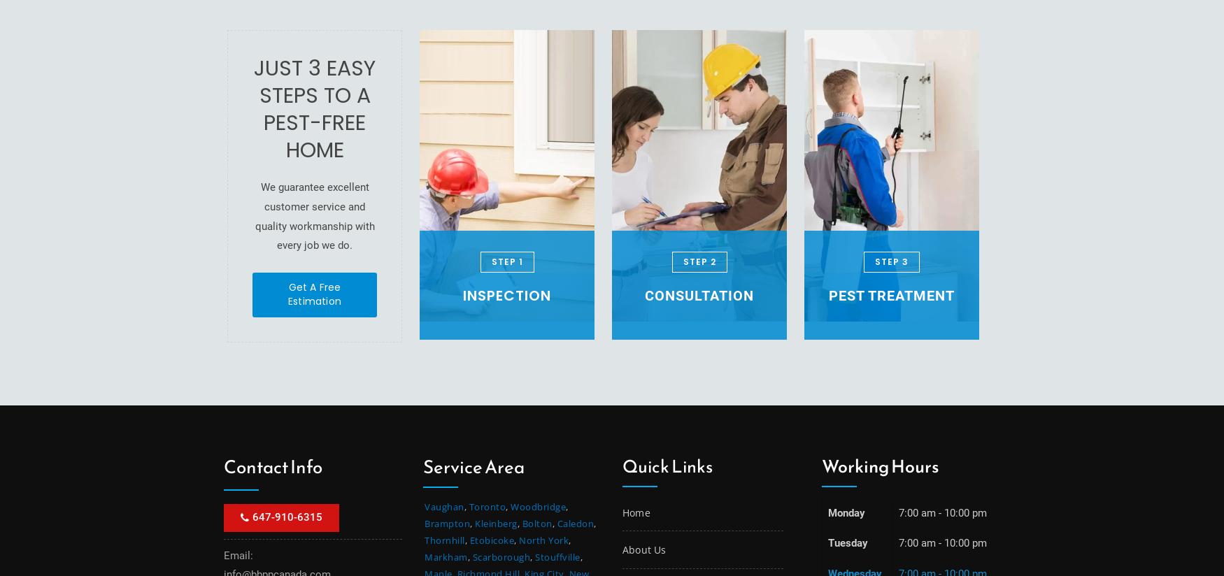 The width and height of the screenshot is (1224, 576). Describe the element at coordinates (622, 549) in the screenshot. I see `'About Us'` at that location.